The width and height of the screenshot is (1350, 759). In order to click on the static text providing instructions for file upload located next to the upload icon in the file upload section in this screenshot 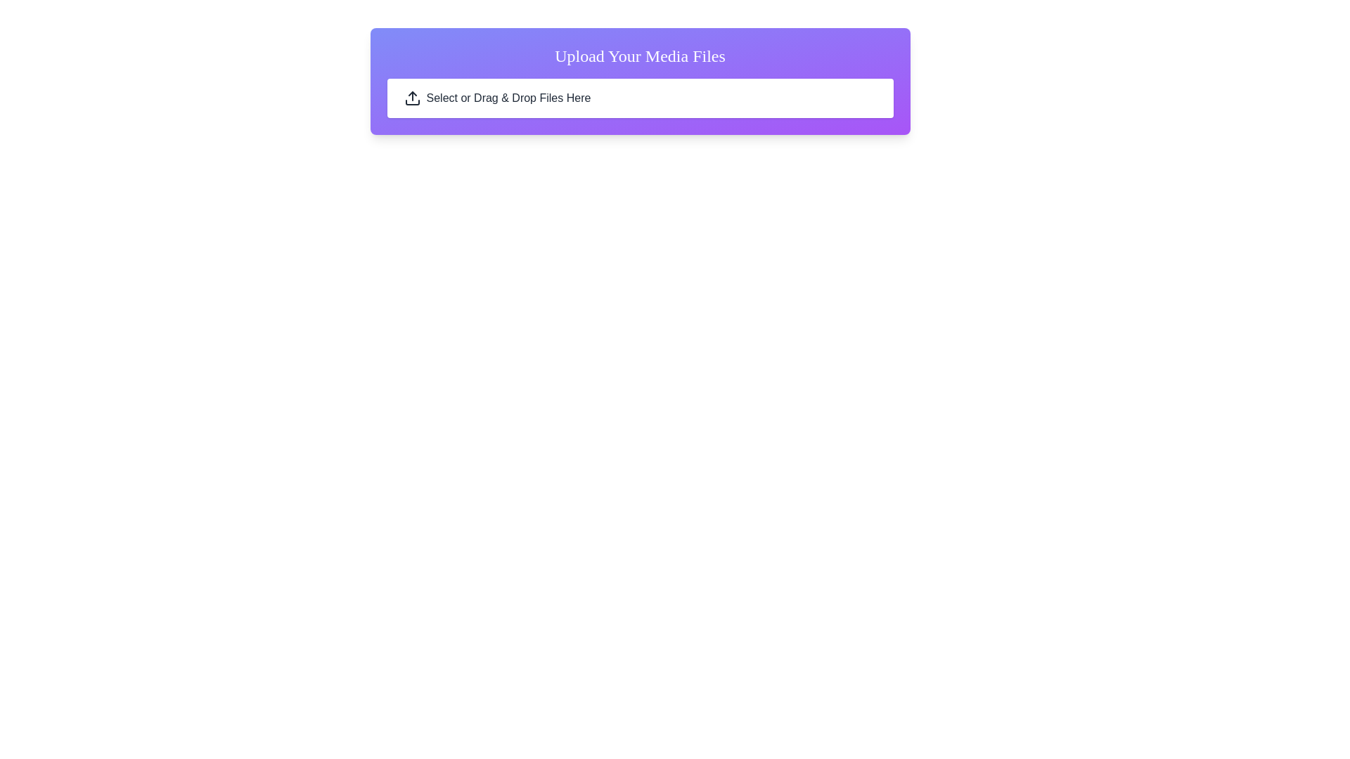, I will do `click(508, 97)`.